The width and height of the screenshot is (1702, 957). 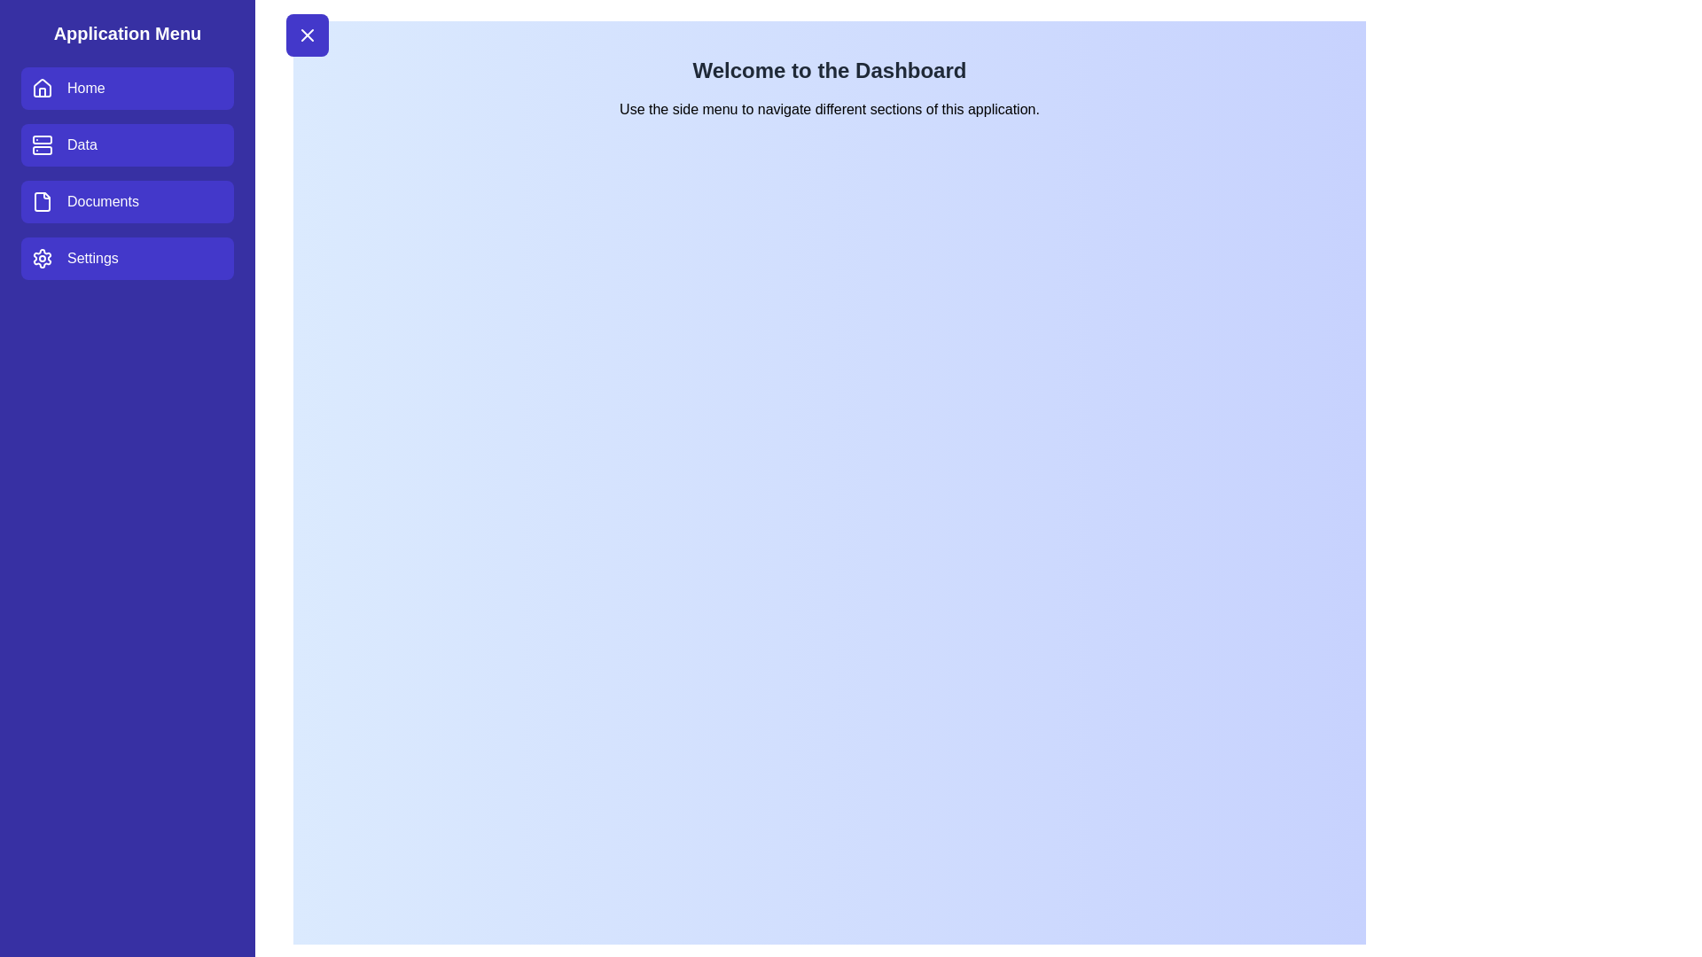 I want to click on the menu item Settings, so click(x=127, y=259).